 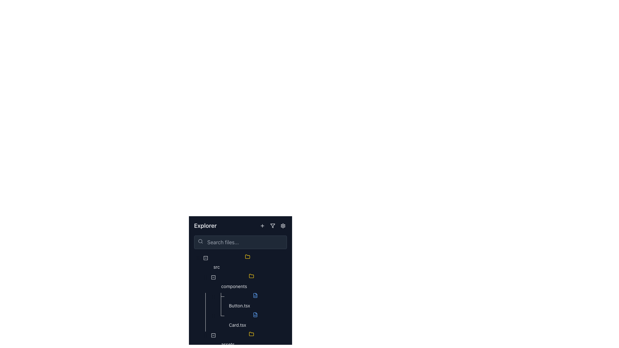 I want to click on the filtering icon located in the top-right corner of the explorer panel for tooltip or context menu, so click(x=272, y=226).